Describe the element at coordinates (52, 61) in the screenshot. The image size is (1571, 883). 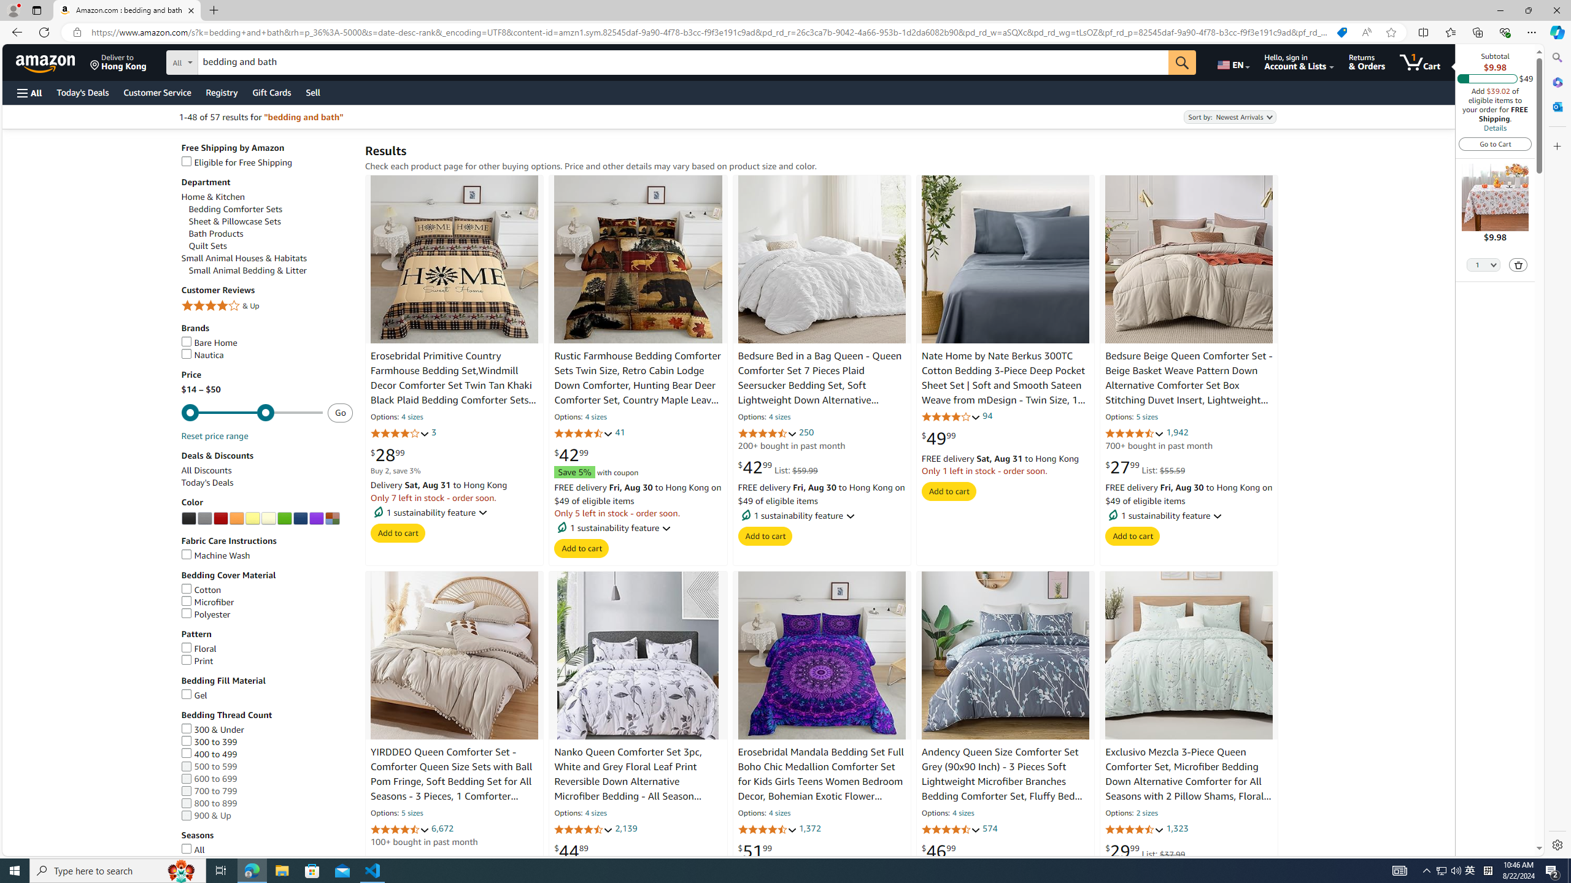
I see `'Skip to main content'` at that location.